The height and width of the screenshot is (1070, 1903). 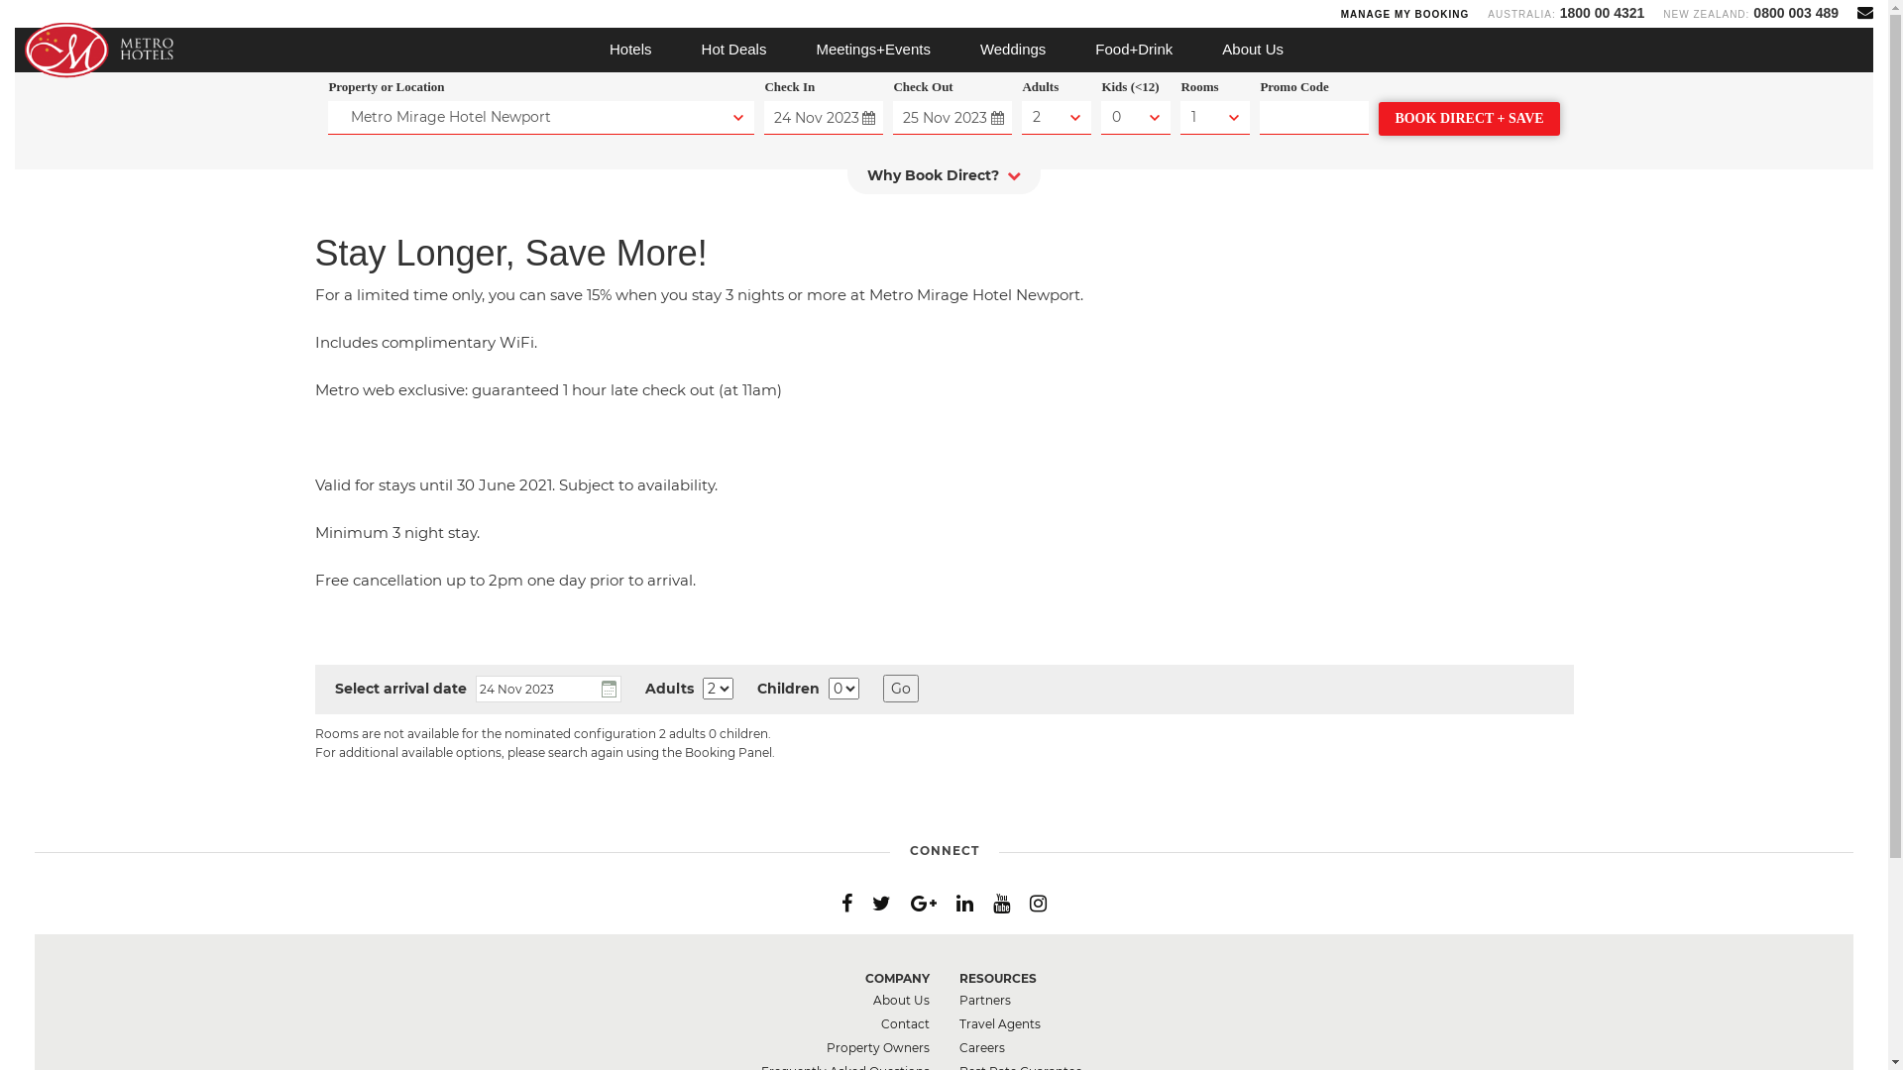 I want to click on 'MANAGE MY BOOKING', so click(x=1403, y=14).